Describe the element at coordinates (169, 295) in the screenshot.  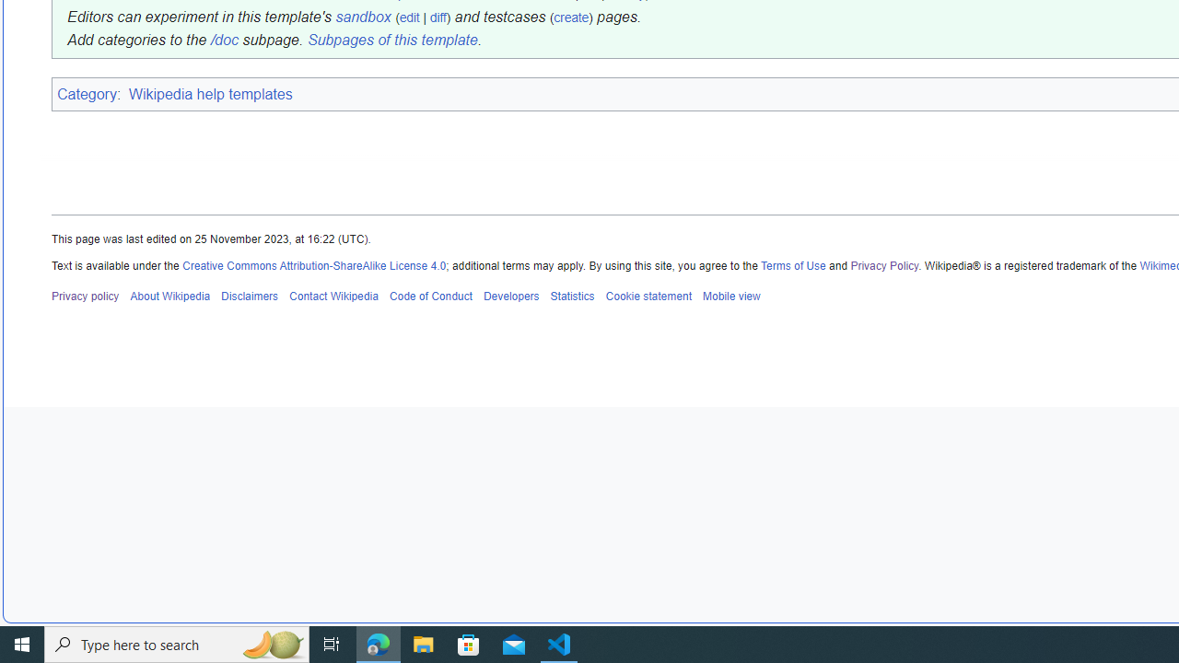
I see `'About Wikipedia'` at that location.